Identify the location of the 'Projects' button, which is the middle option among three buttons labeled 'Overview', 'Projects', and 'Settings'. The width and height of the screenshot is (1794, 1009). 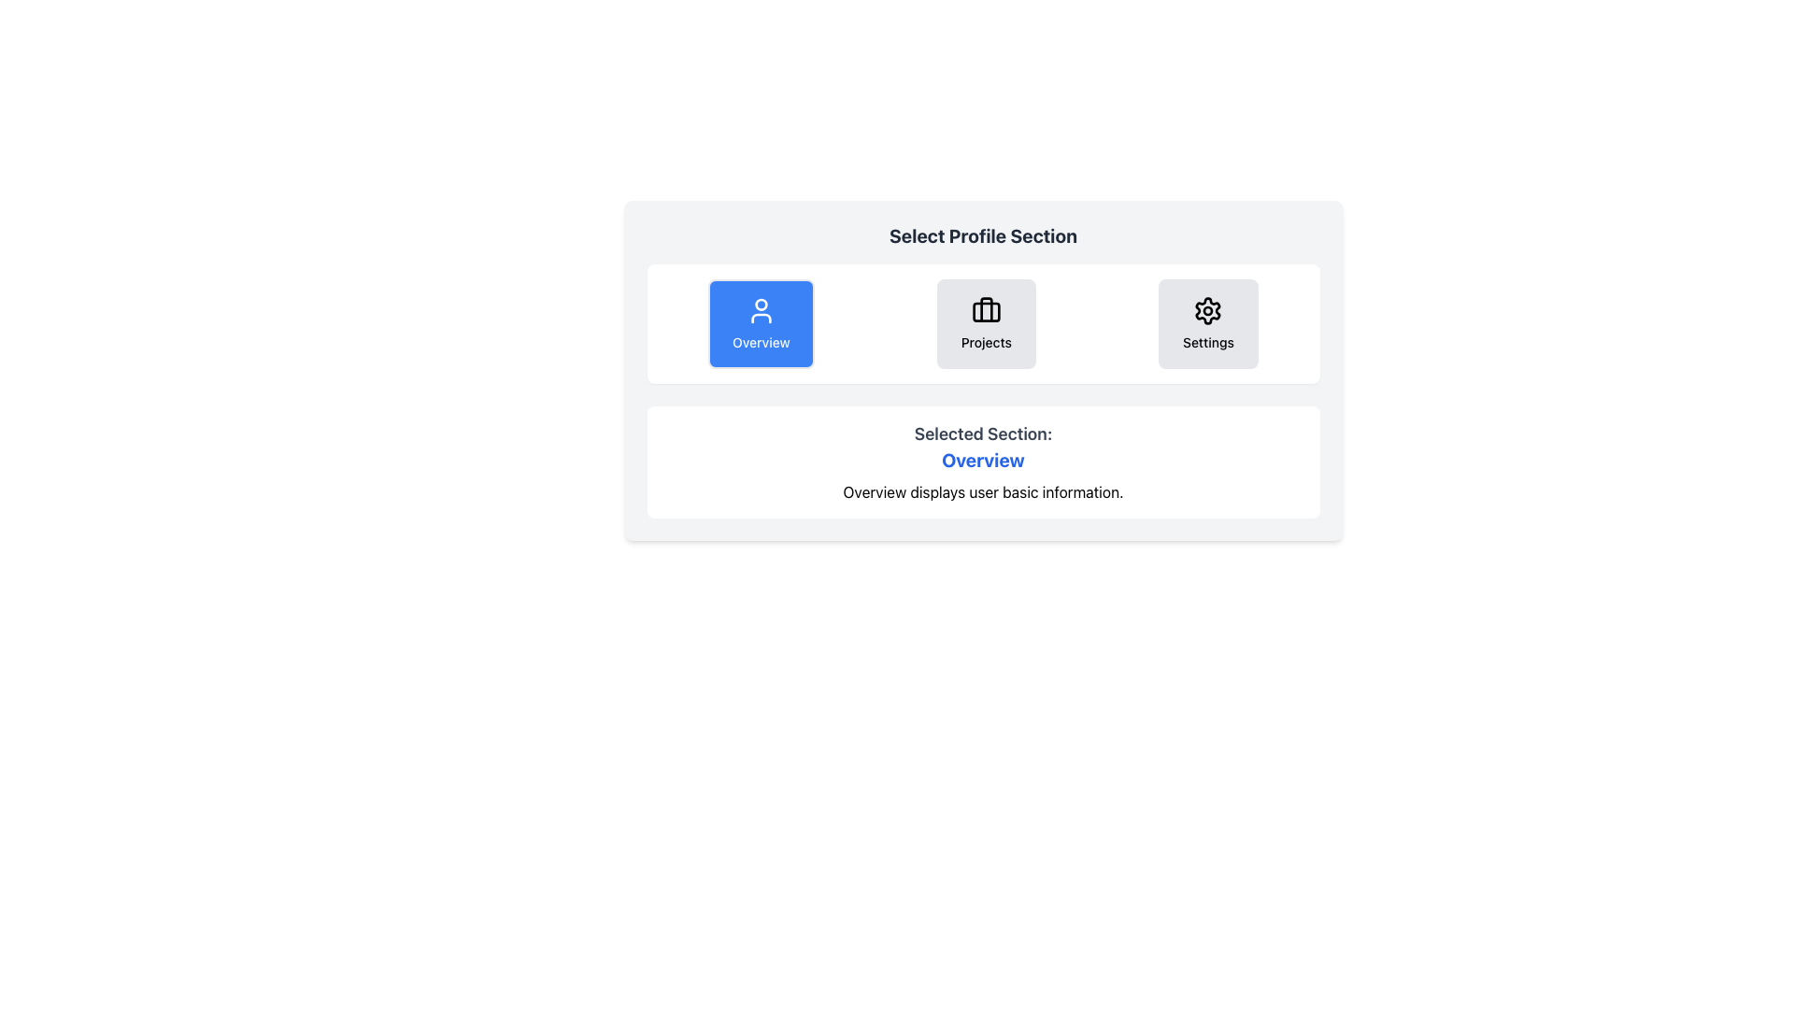
(982, 323).